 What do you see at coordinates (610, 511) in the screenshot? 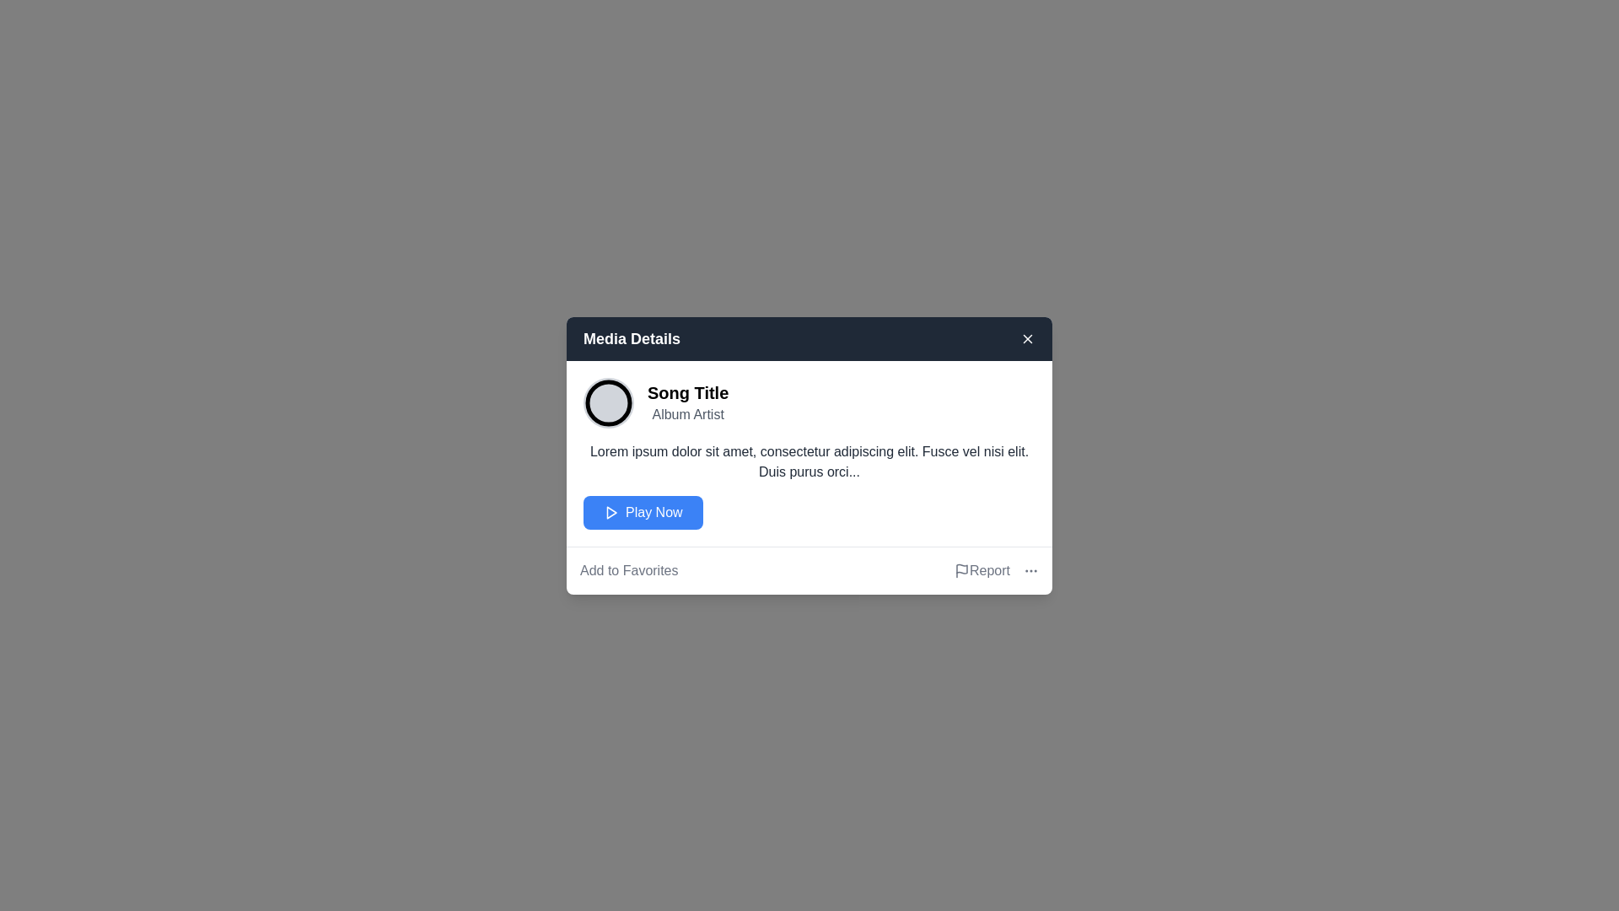
I see `the play icon located centrally within the blue 'Play Now' button in the 'Media Details' dialog box to initiate media playback` at bounding box center [610, 511].